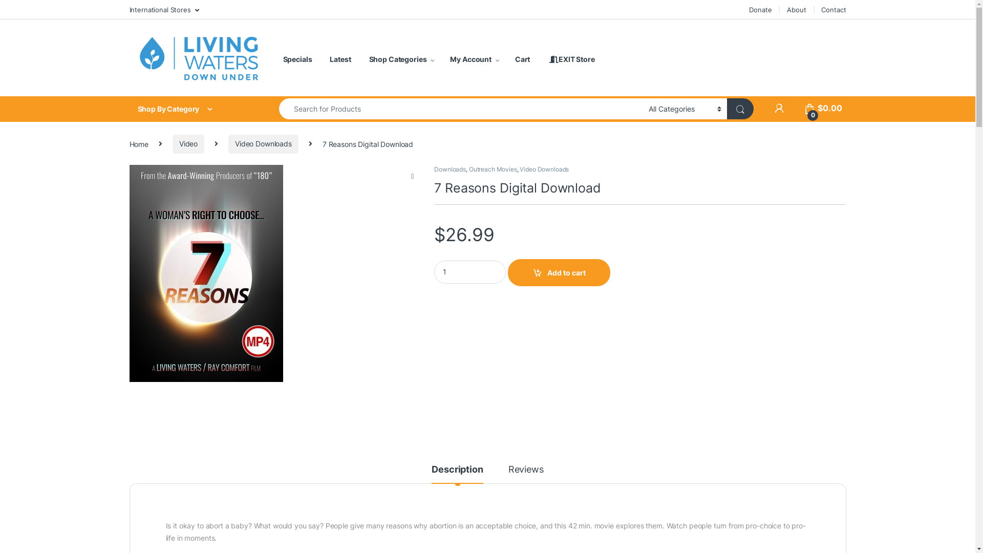 The width and height of the screenshot is (983, 553). What do you see at coordinates (456, 474) in the screenshot?
I see `'Description'` at bounding box center [456, 474].